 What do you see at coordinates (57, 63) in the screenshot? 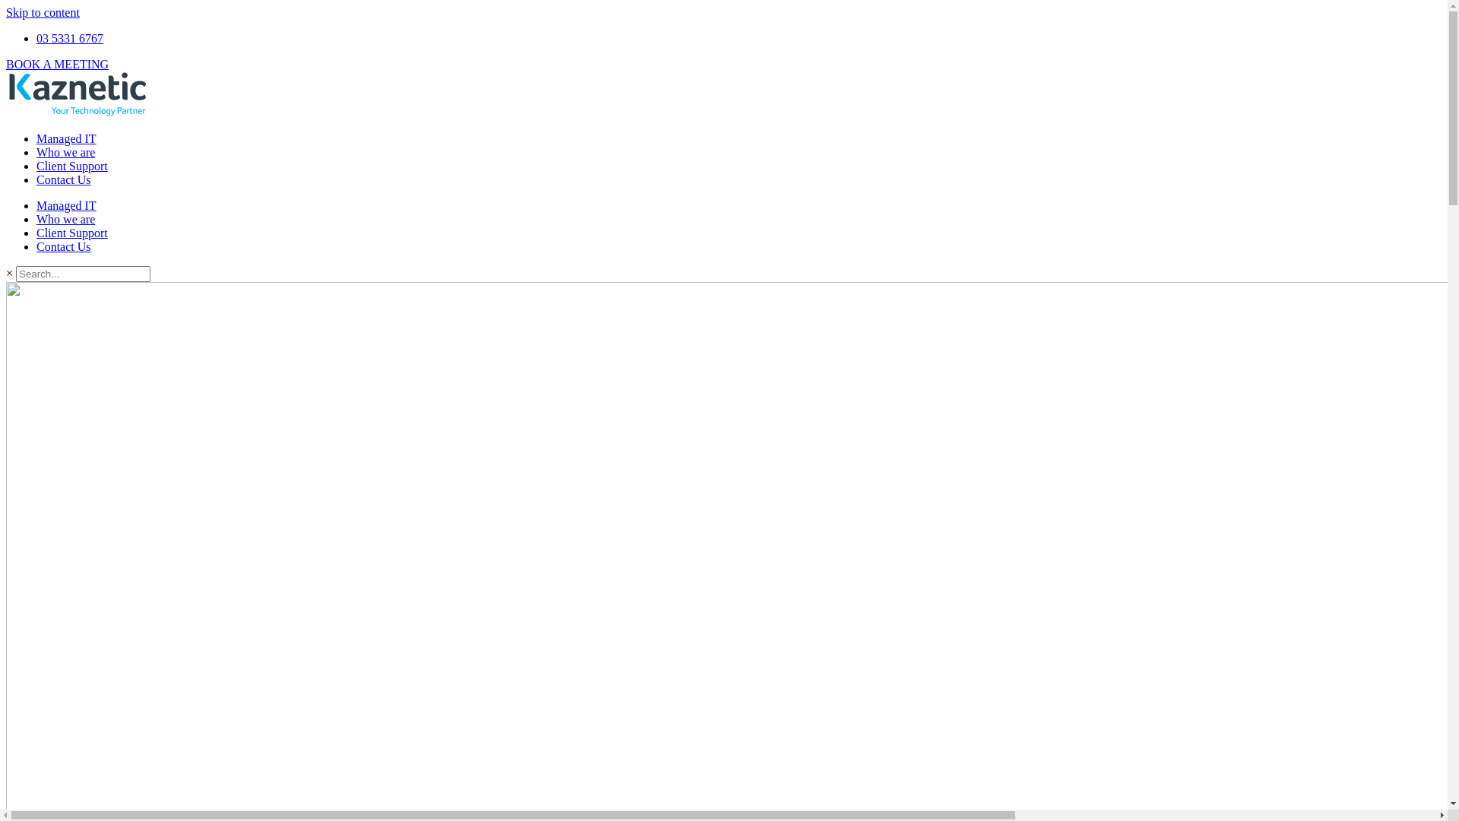
I see `'BOOK A MEETING'` at bounding box center [57, 63].